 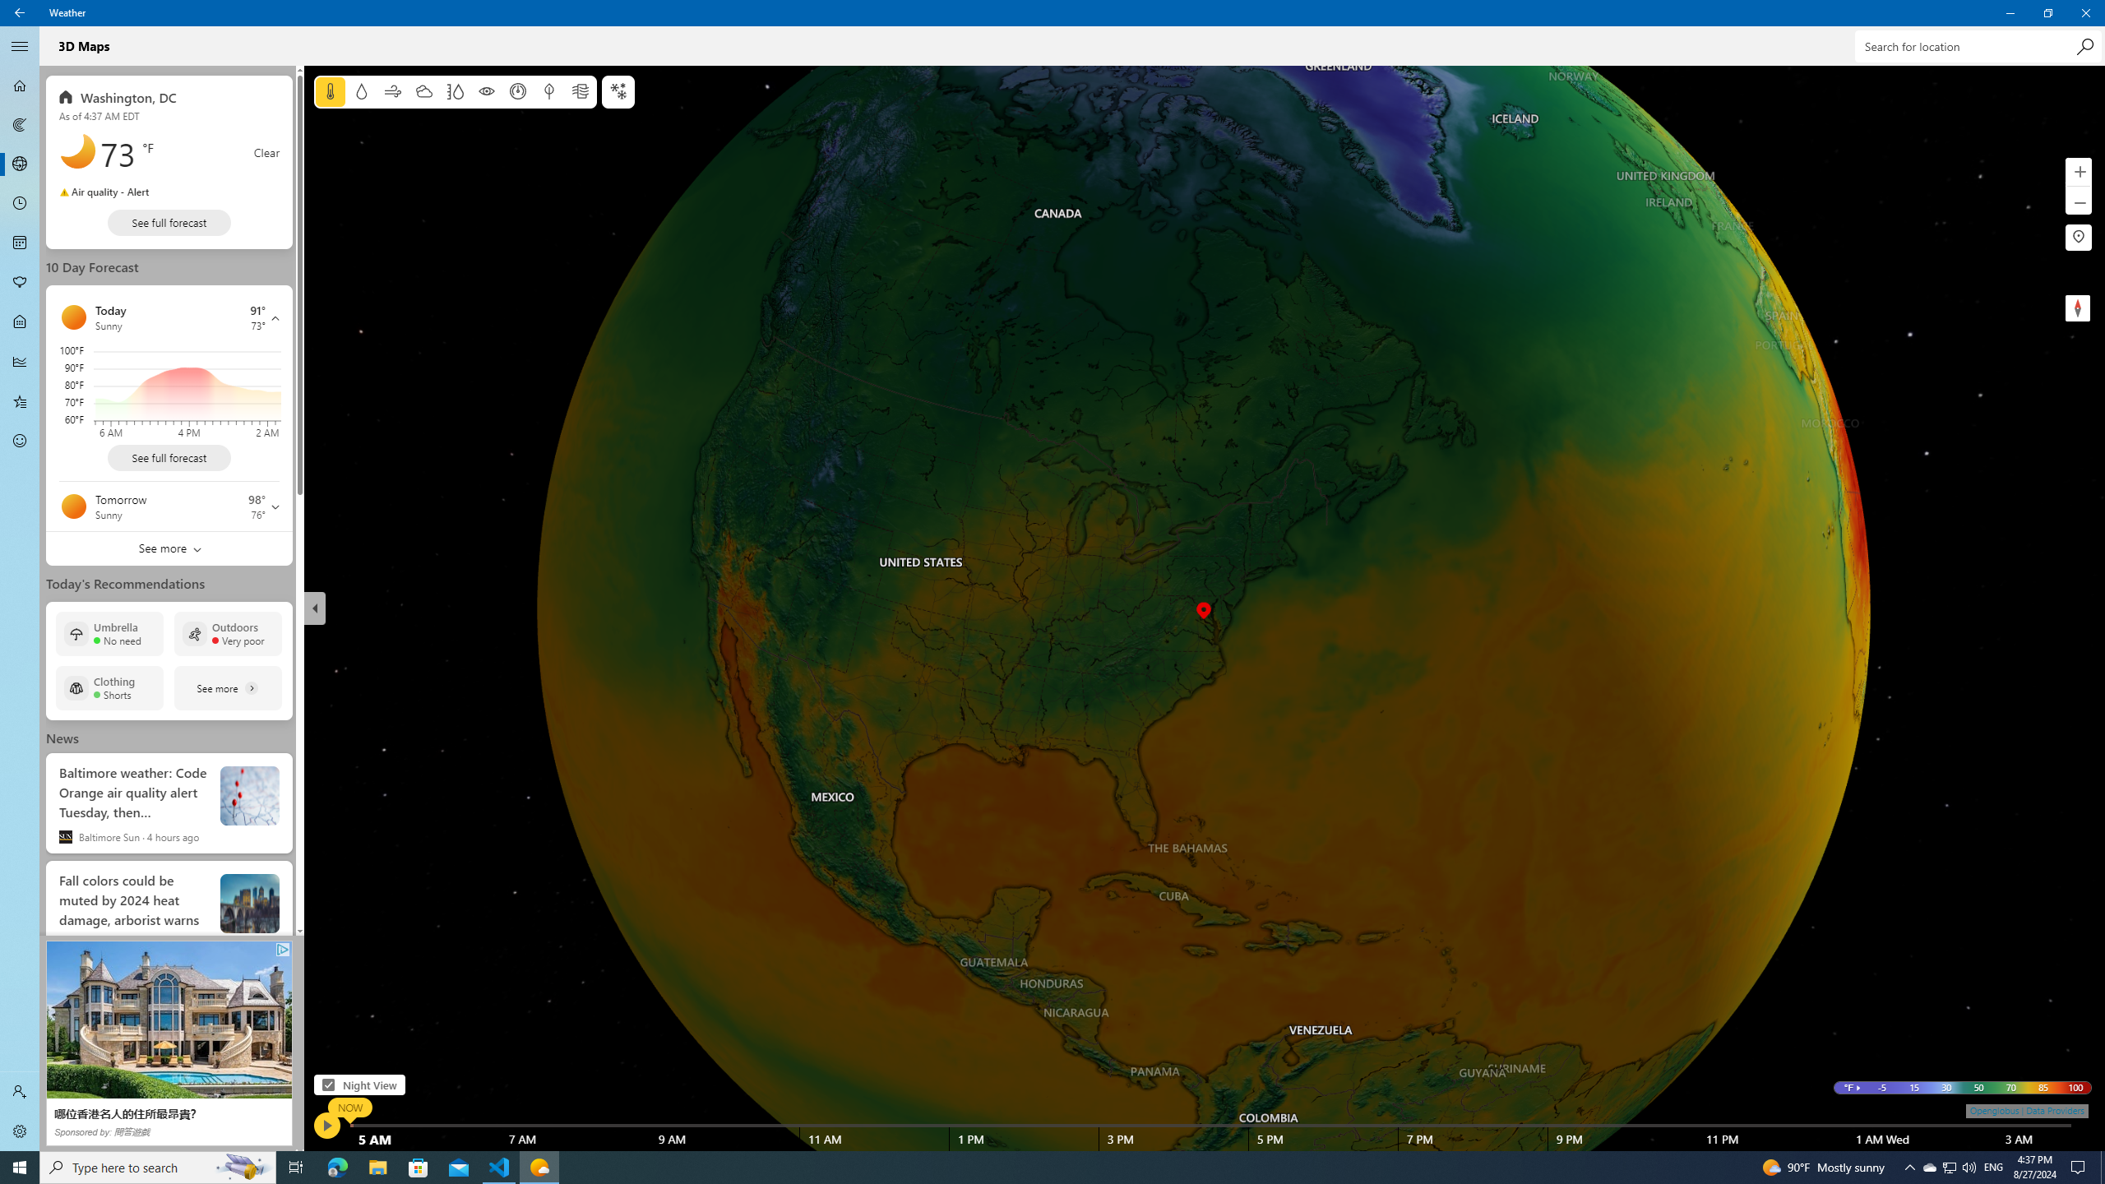 What do you see at coordinates (20, 360) in the screenshot?
I see `'Historical Weather - Not Selected'` at bounding box center [20, 360].